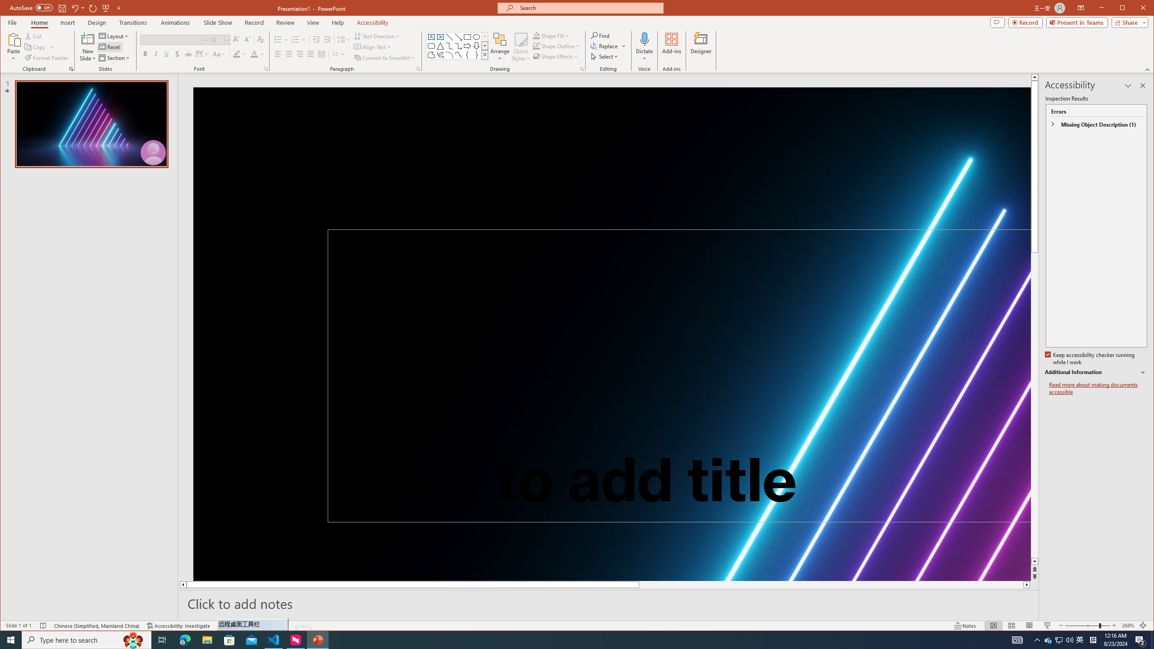 This screenshot has width=1154, height=649. I want to click on 'Q2790: 100%', so click(1069, 639).